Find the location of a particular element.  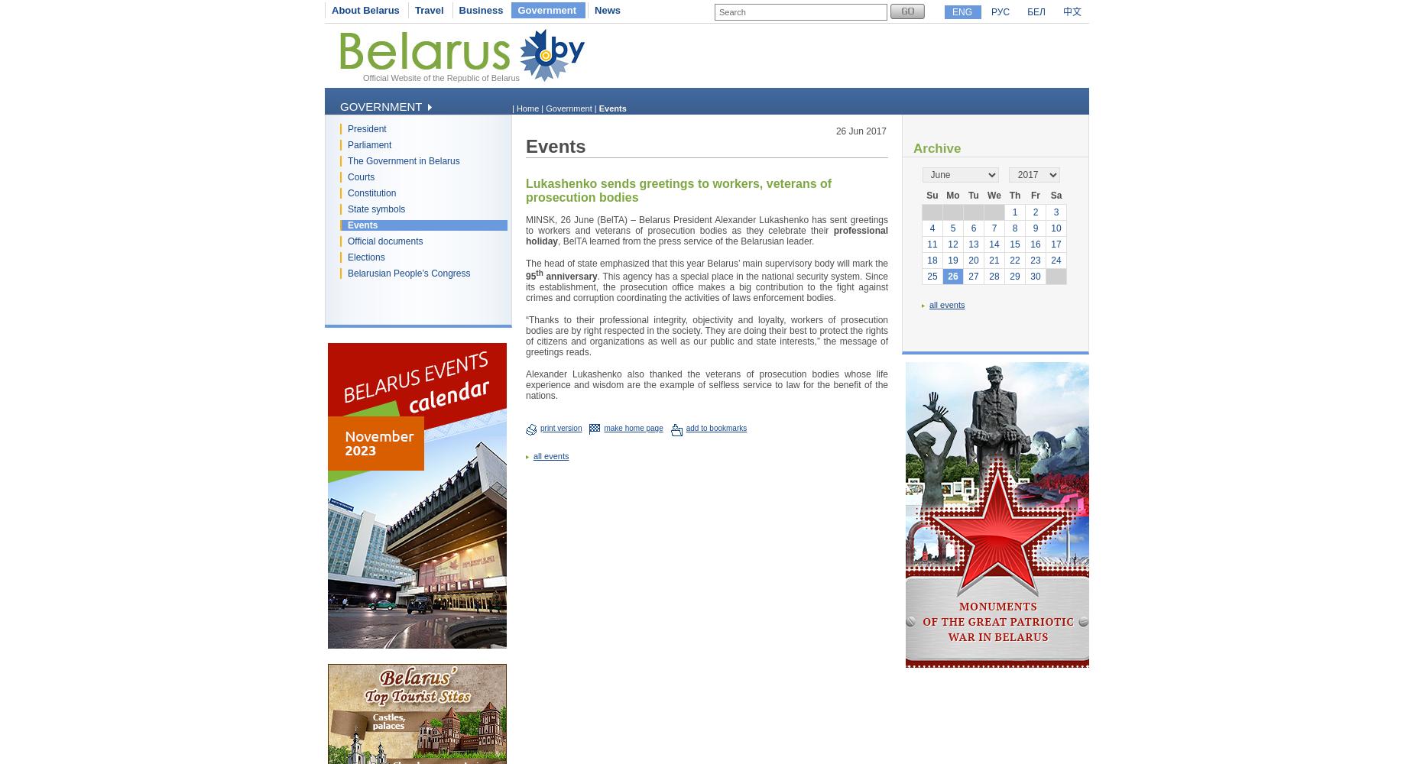

'Elections' is located at coordinates (365, 257).